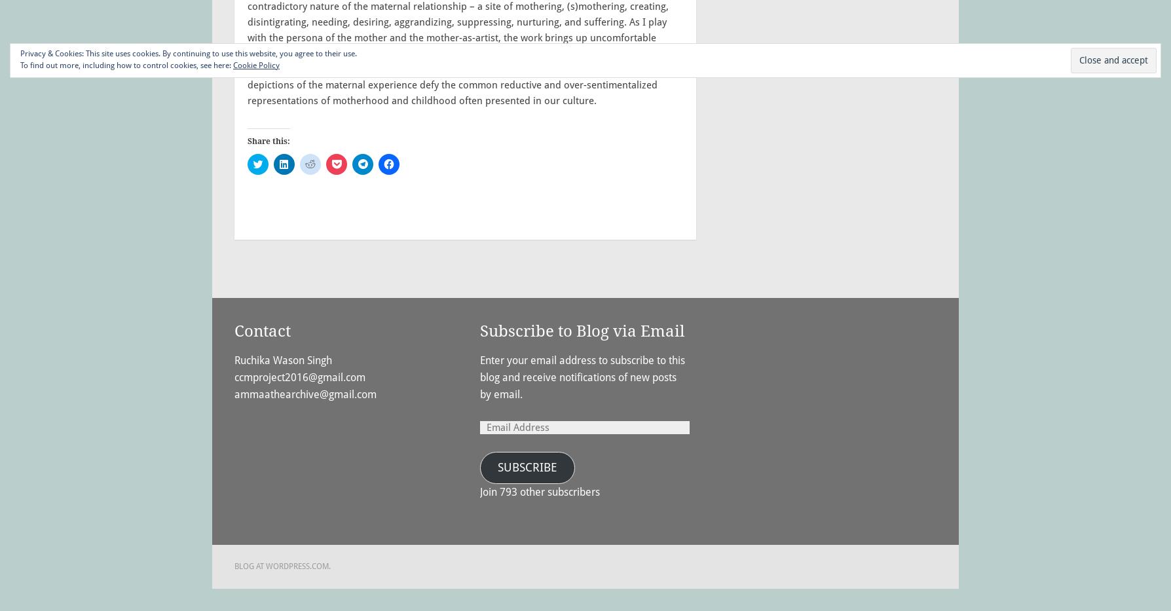  I want to click on 'Privacy & Cookies: This site uses cookies. By continuing to use this website, you agree to their use.', so click(188, 54).